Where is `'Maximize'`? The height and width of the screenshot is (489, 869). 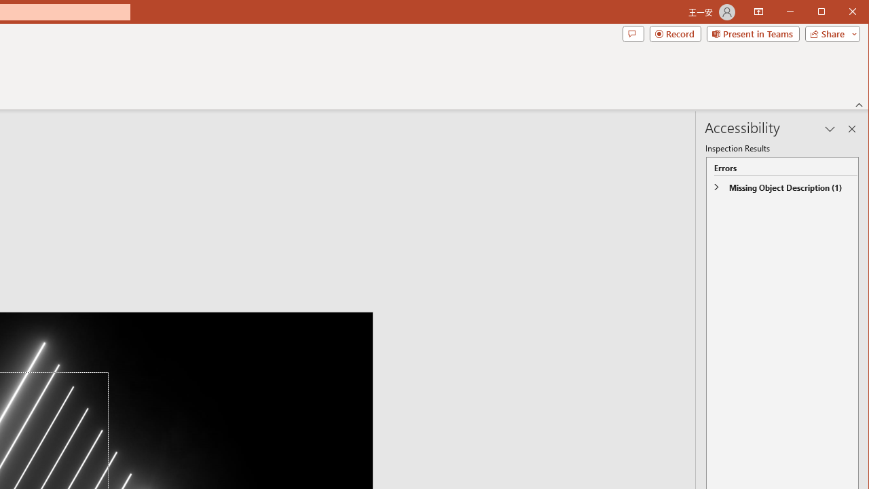
'Maximize' is located at coordinates (840, 13).